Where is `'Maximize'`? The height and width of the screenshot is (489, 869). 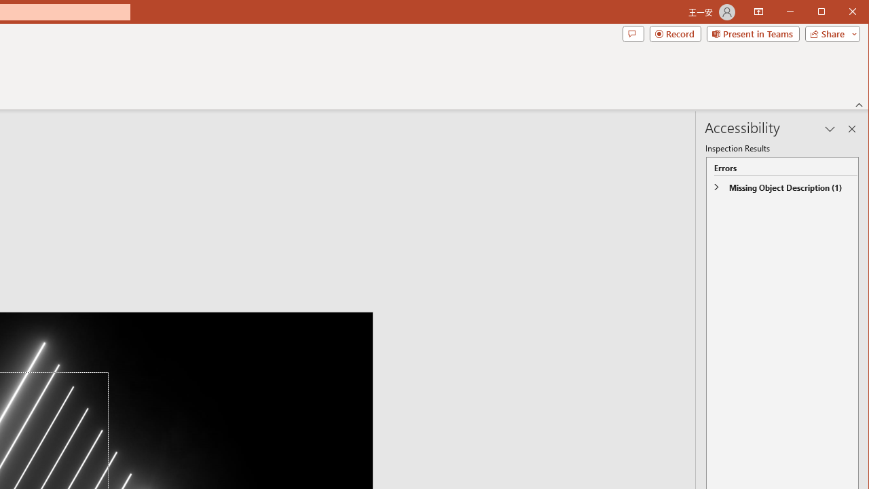
'Maximize' is located at coordinates (840, 13).